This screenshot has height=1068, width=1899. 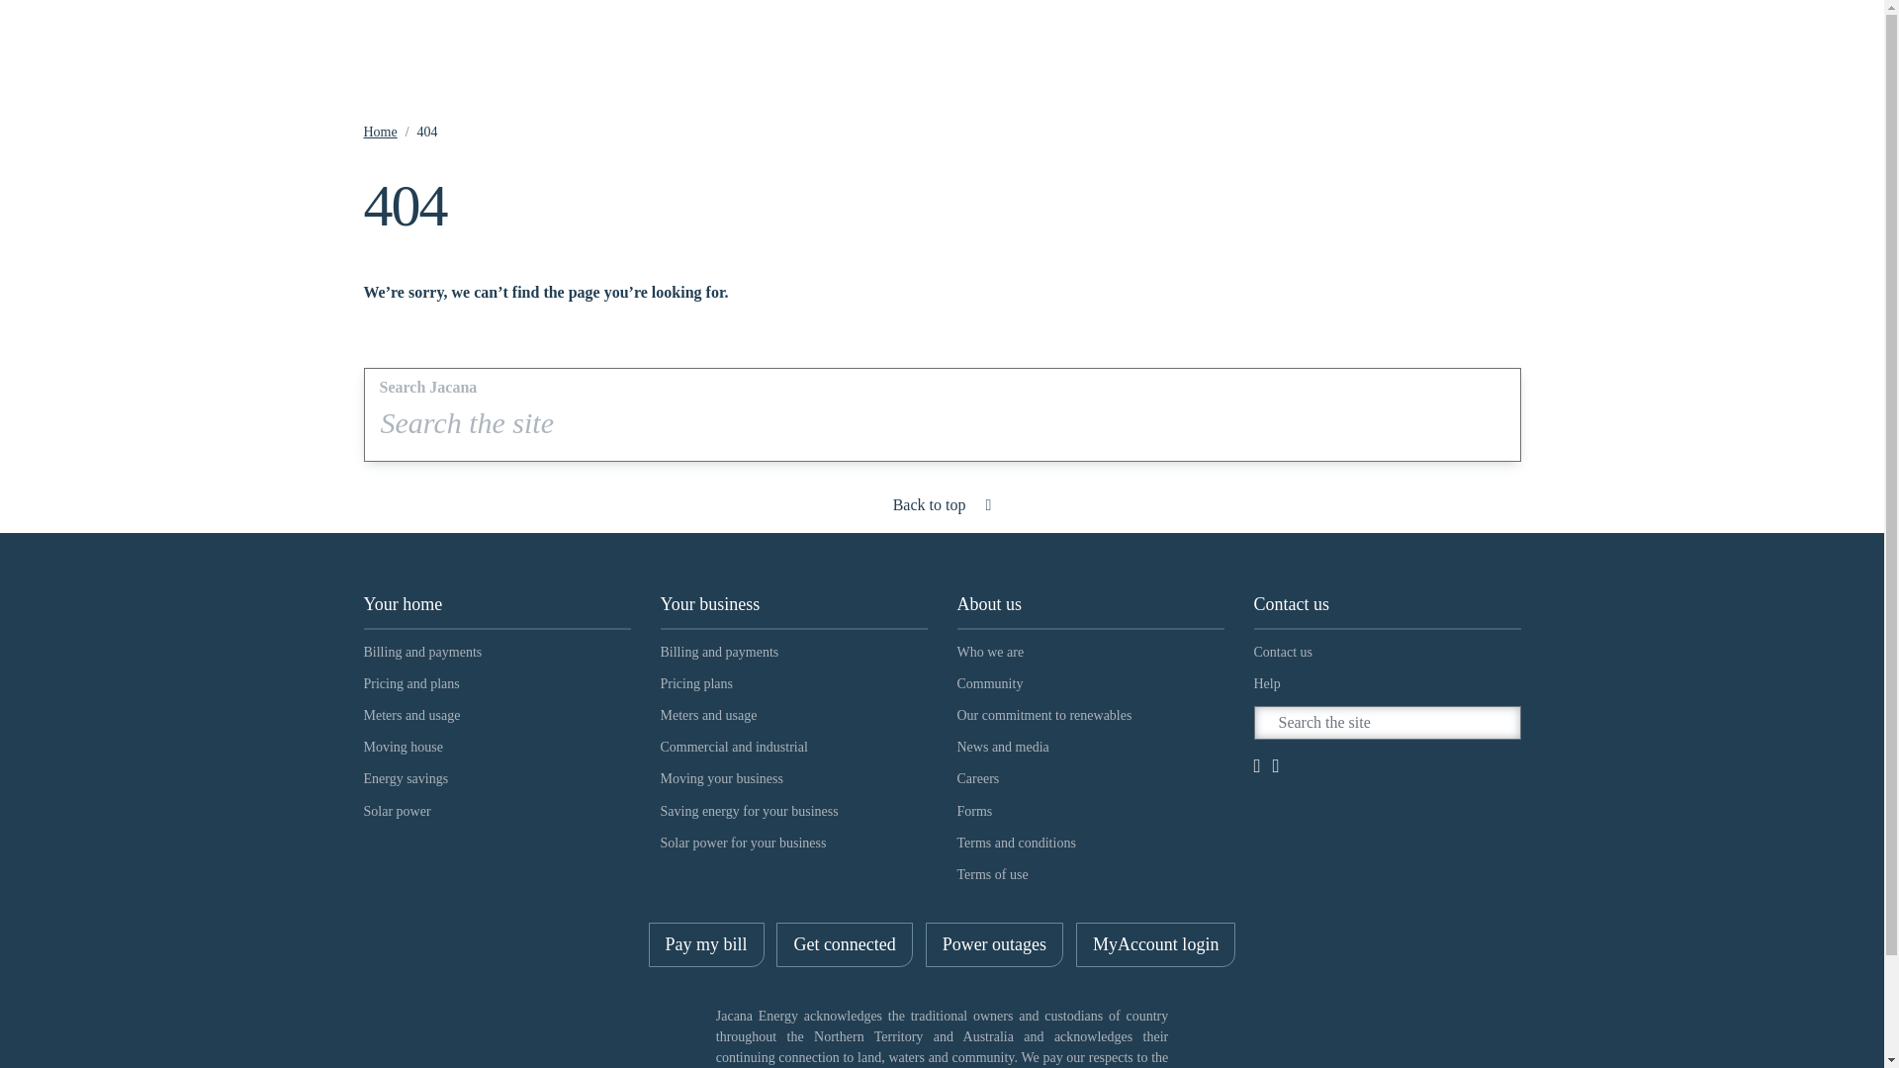 I want to click on 'Get connected', so click(x=775, y=943).